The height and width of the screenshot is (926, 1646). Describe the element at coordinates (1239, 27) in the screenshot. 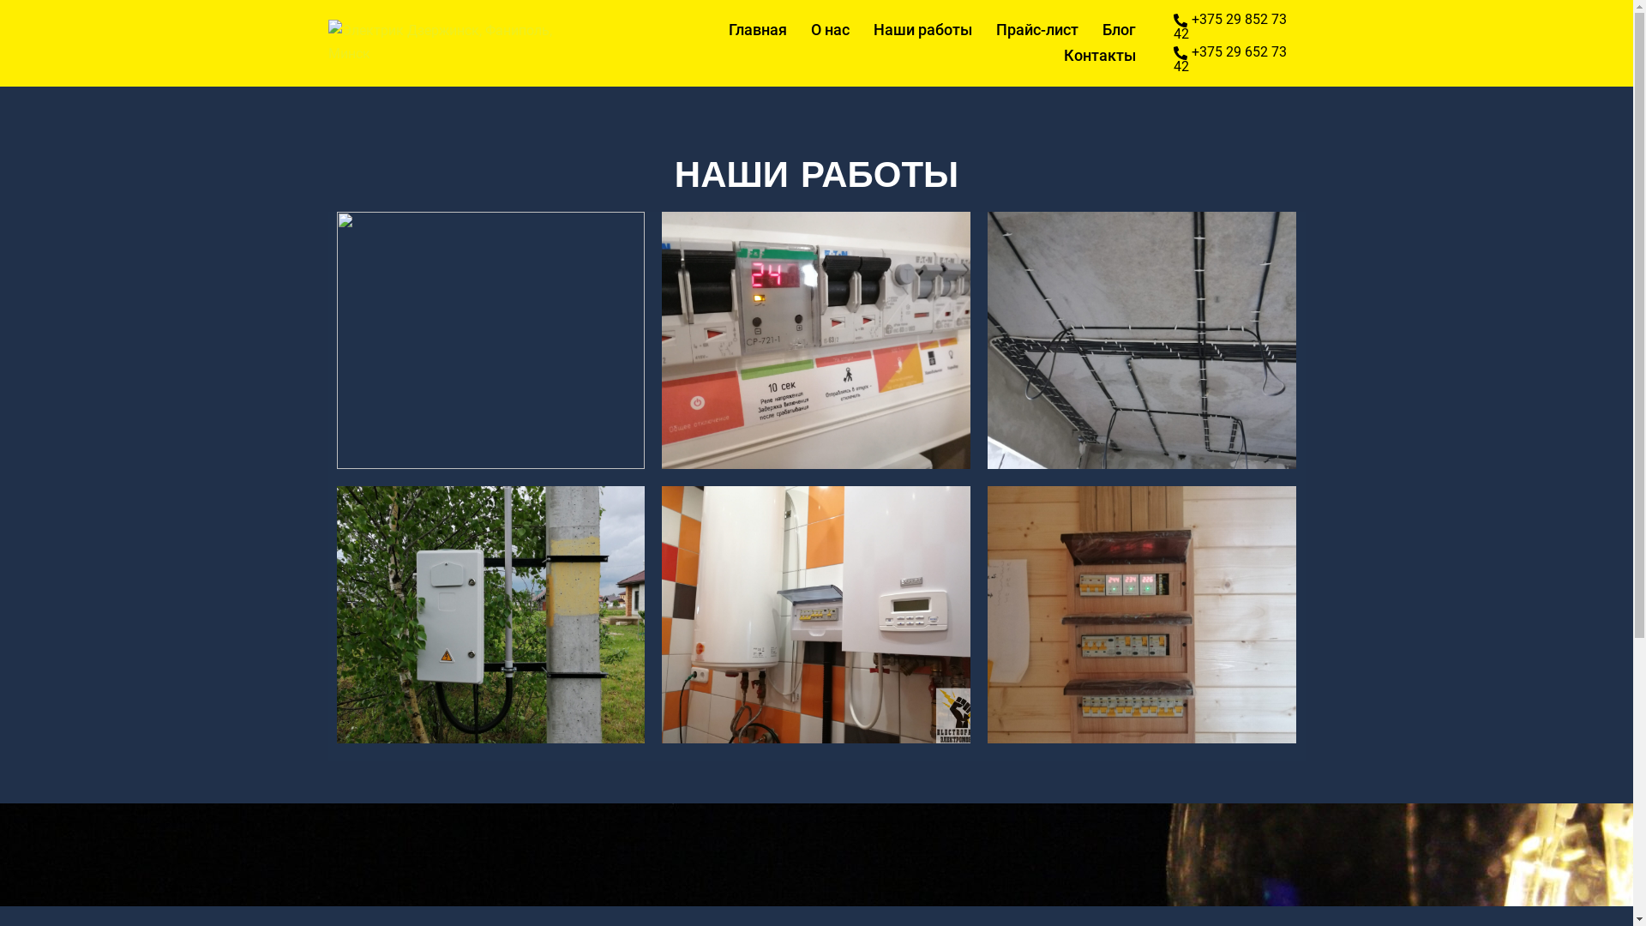

I see `'+375 29 852 73 42'` at that location.